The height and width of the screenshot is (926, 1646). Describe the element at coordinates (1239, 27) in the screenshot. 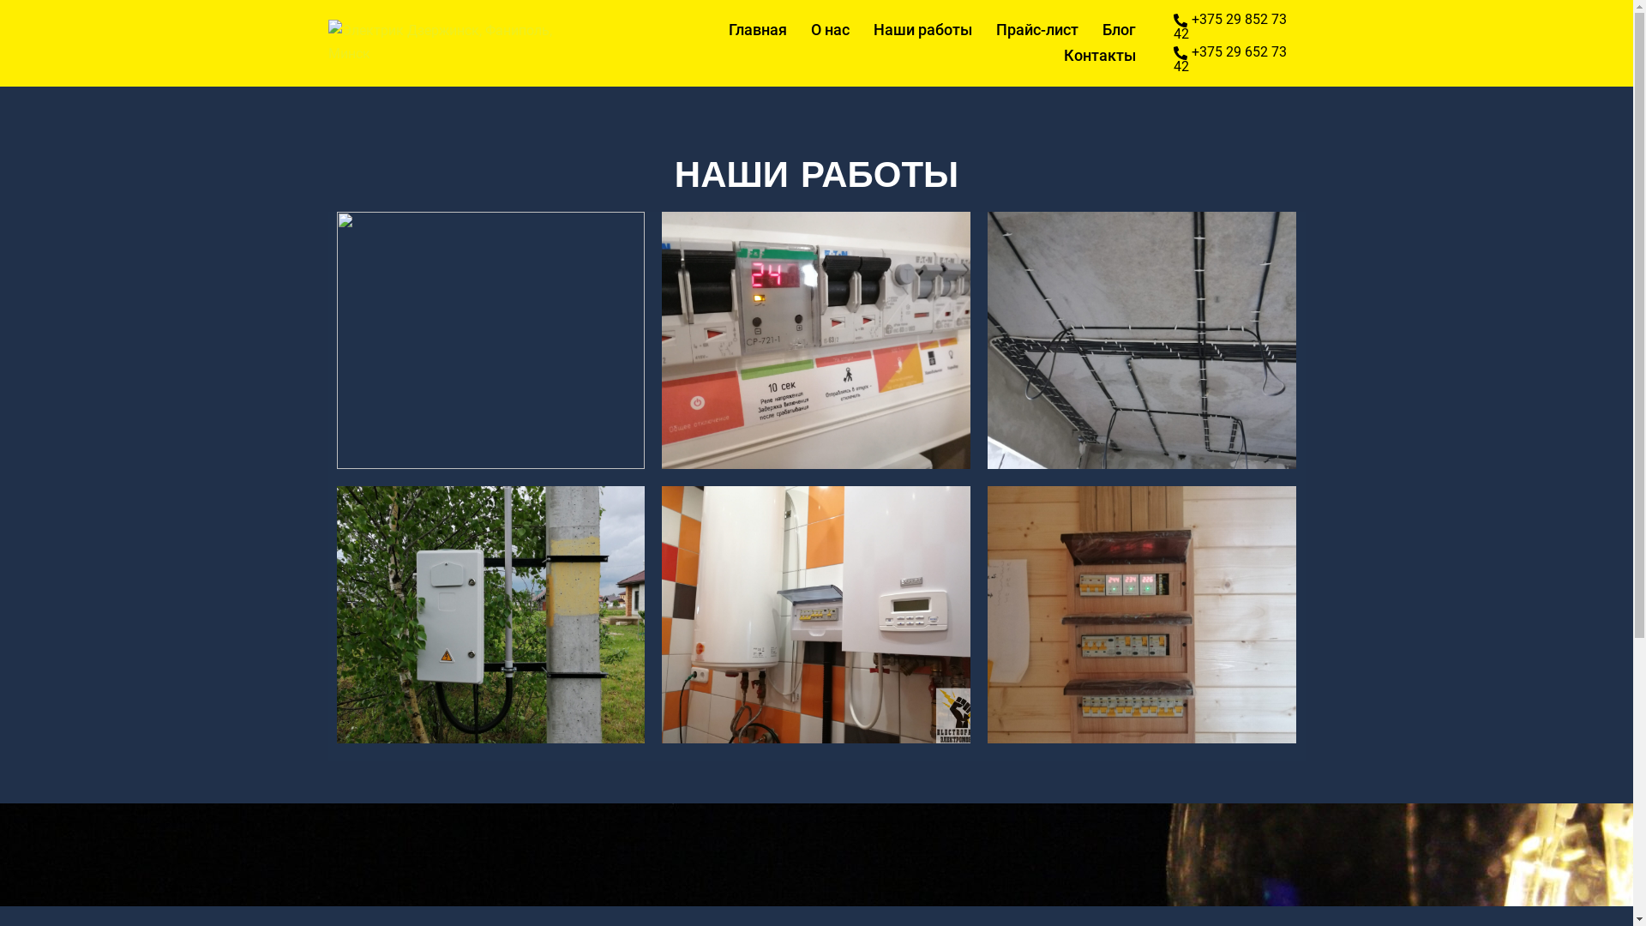

I see `'+375 29 852 73 42'` at that location.